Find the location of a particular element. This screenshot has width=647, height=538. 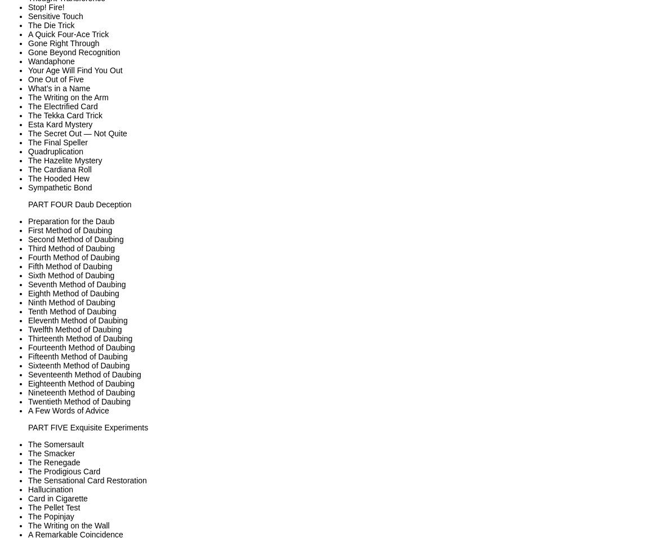

'The Final Speller' is located at coordinates (57, 142).